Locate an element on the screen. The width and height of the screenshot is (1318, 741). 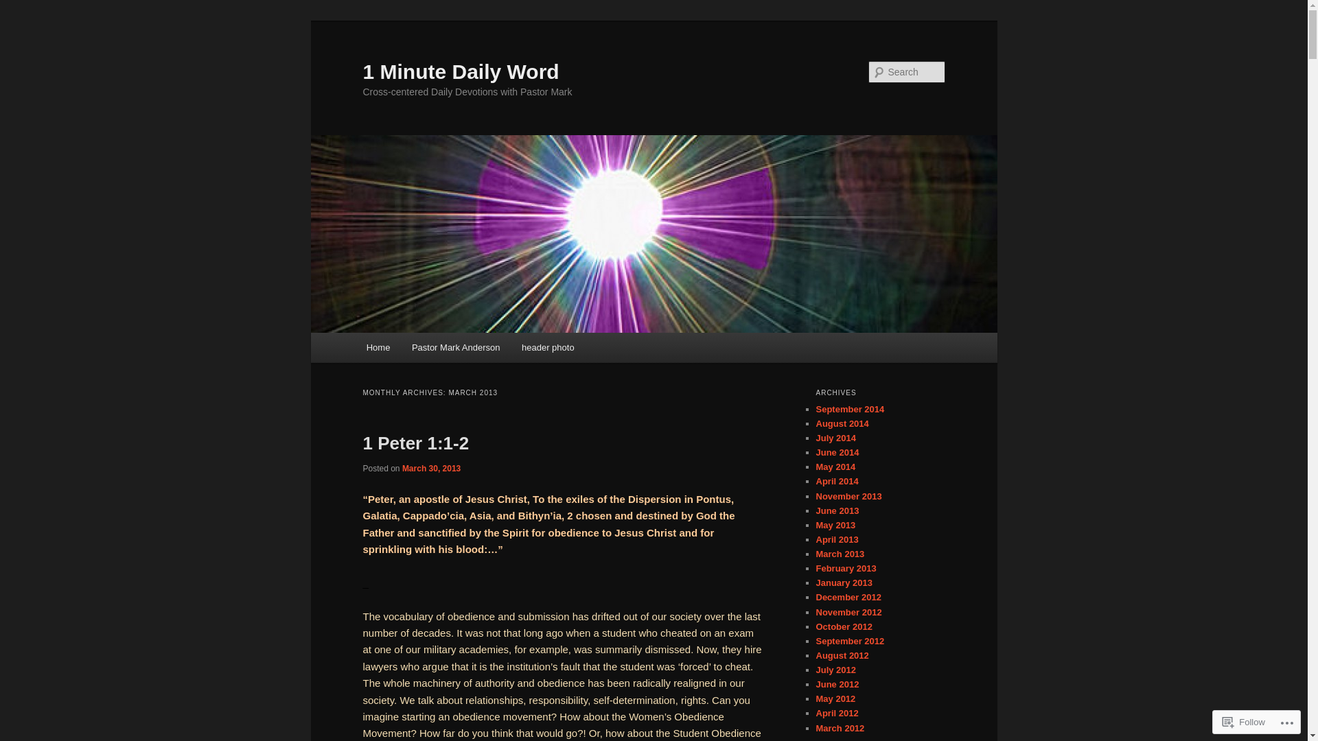
'header photo' is located at coordinates (546, 346).